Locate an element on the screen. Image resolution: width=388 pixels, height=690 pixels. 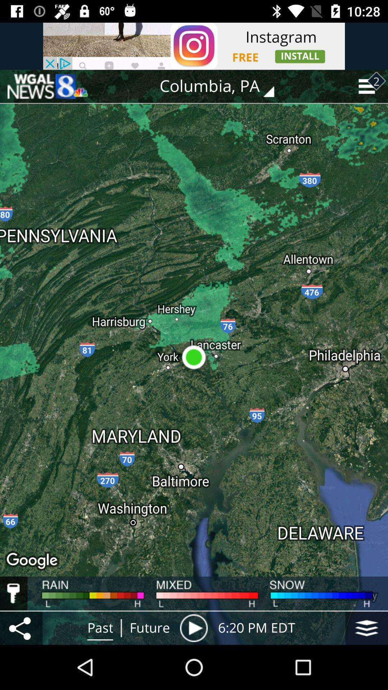
item to the left of the 6 20 pm item is located at coordinates (193, 627).